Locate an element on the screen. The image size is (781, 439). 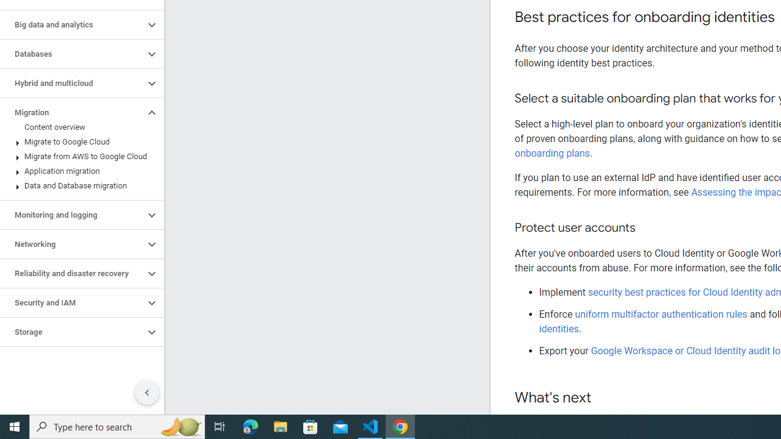
'Monitoring and logging' is located at coordinates (71, 215).